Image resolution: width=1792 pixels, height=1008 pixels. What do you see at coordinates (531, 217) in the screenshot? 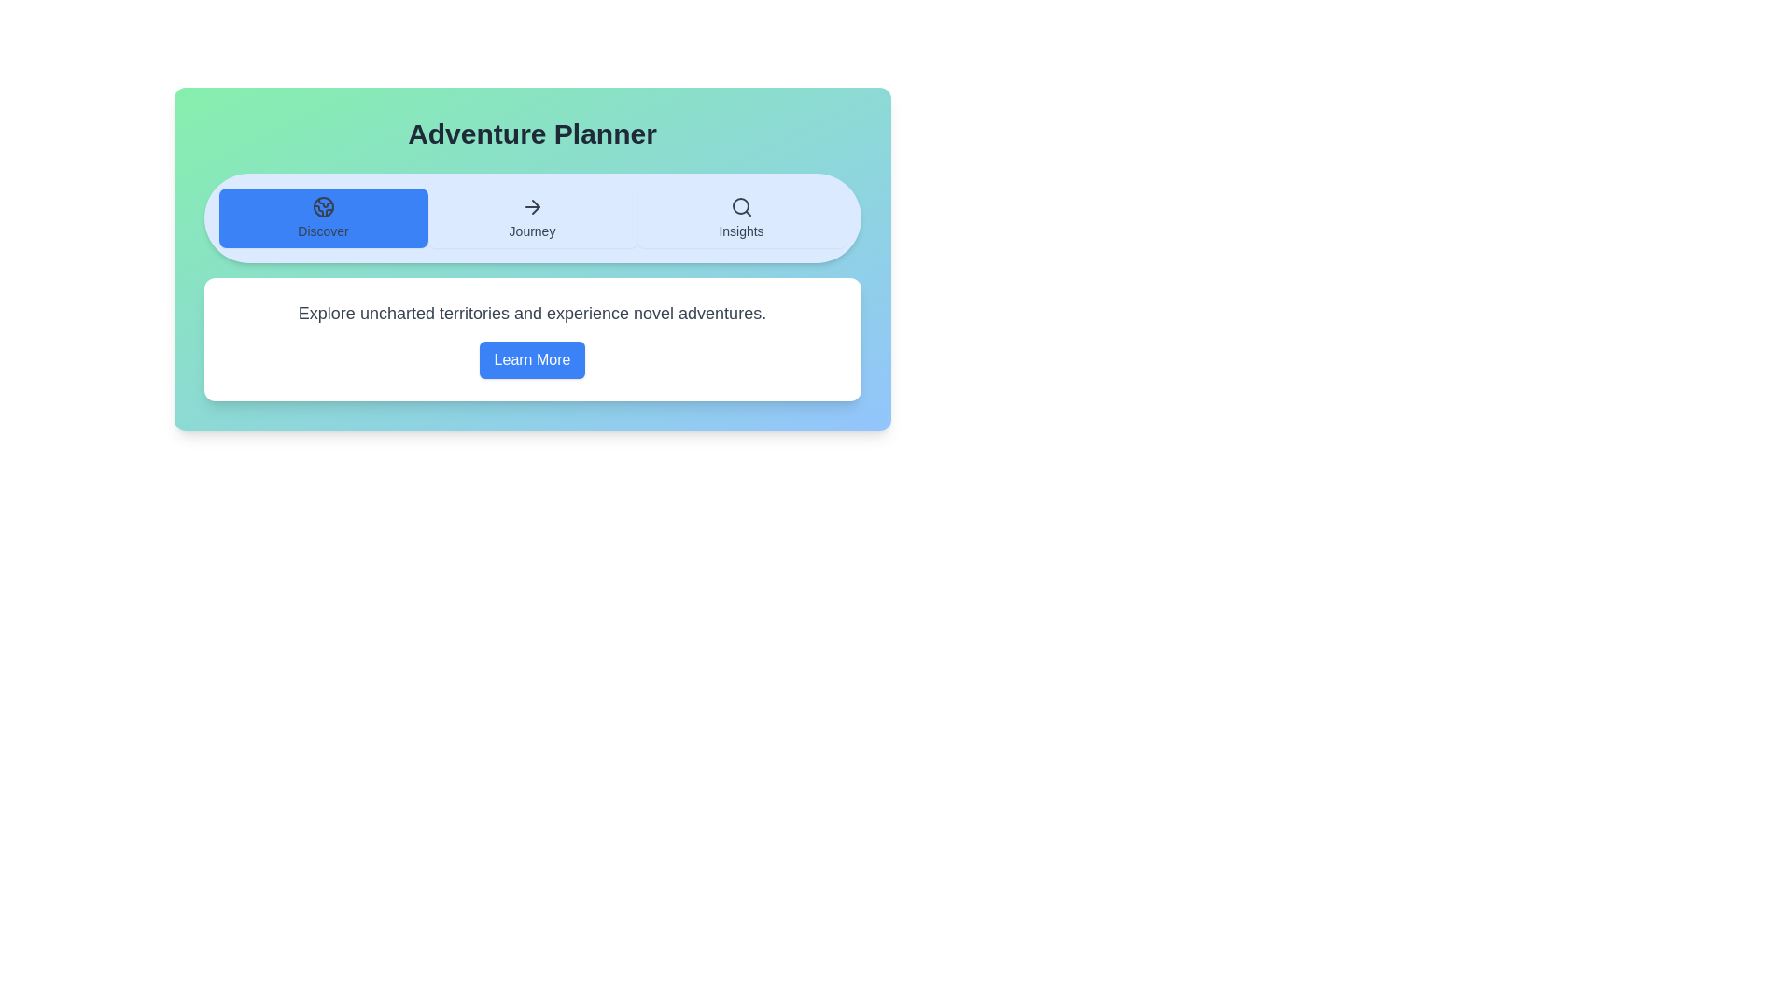
I see `the 'Journey' tab button in the navigation menu` at bounding box center [531, 217].